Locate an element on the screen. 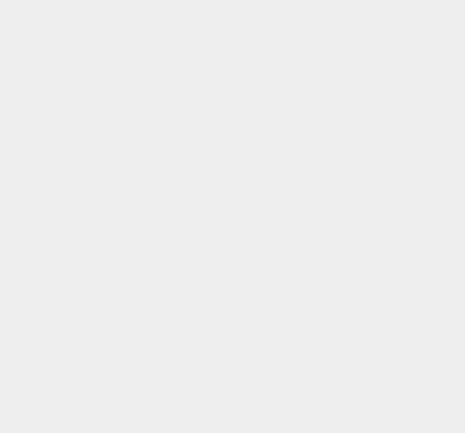  'Privacy' is located at coordinates (338, 391).